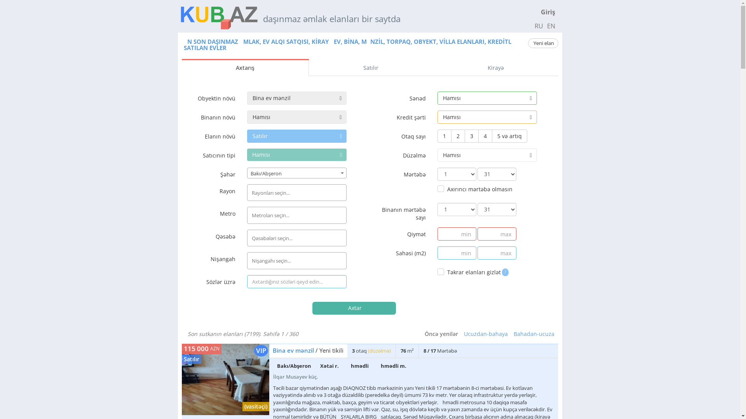 The width and height of the screenshot is (746, 419). I want to click on 'Yeni elan', so click(542, 43).